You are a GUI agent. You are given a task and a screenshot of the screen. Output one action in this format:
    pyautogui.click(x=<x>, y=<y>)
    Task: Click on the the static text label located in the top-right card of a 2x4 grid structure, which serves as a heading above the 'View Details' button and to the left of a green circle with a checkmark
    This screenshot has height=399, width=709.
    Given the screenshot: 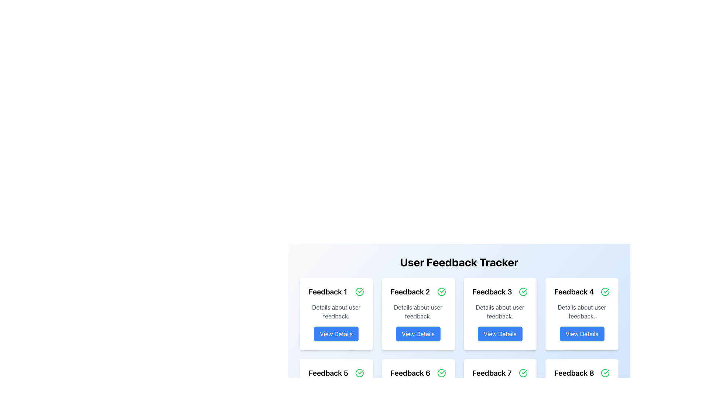 What is the action you would take?
    pyautogui.click(x=574, y=291)
    